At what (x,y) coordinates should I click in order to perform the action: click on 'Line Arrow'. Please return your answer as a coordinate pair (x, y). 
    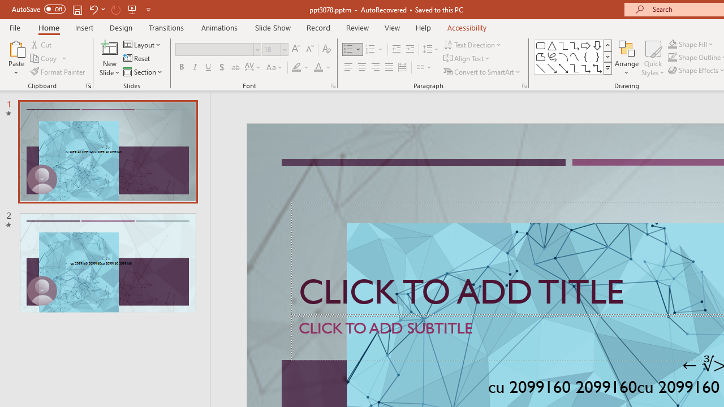
    Looking at the image, I should click on (552, 68).